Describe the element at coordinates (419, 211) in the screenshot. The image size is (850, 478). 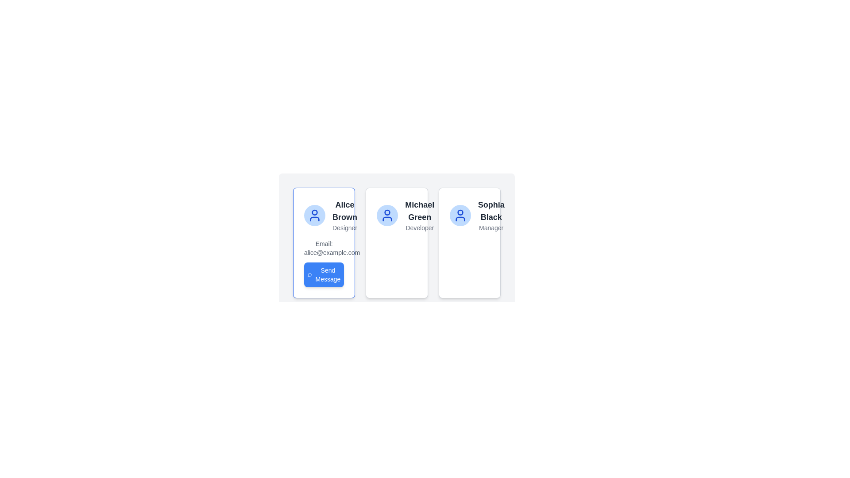
I see `the text displaying the name 'Michael Green' located at the top section of the middle card in a horizontally aligned set of three cards` at that location.